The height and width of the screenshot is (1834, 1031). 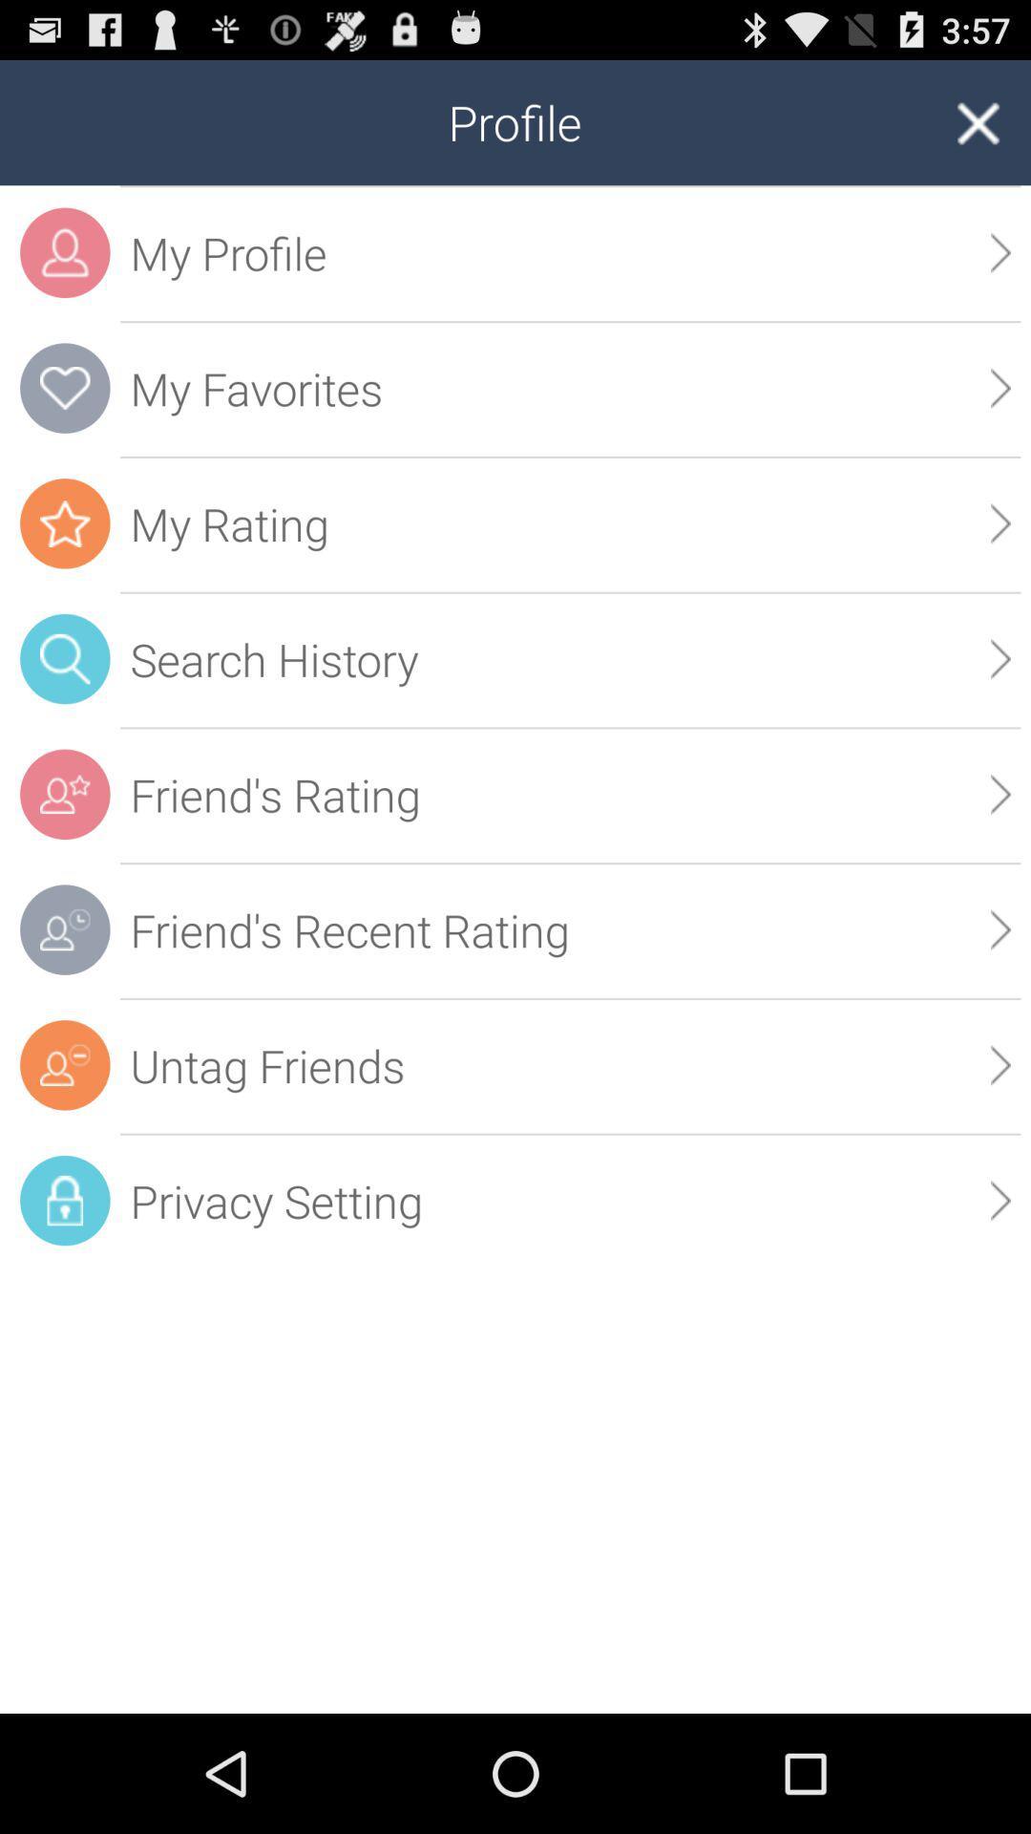 What do you see at coordinates (1000, 659) in the screenshot?
I see `tap the next button just right to the search history` at bounding box center [1000, 659].